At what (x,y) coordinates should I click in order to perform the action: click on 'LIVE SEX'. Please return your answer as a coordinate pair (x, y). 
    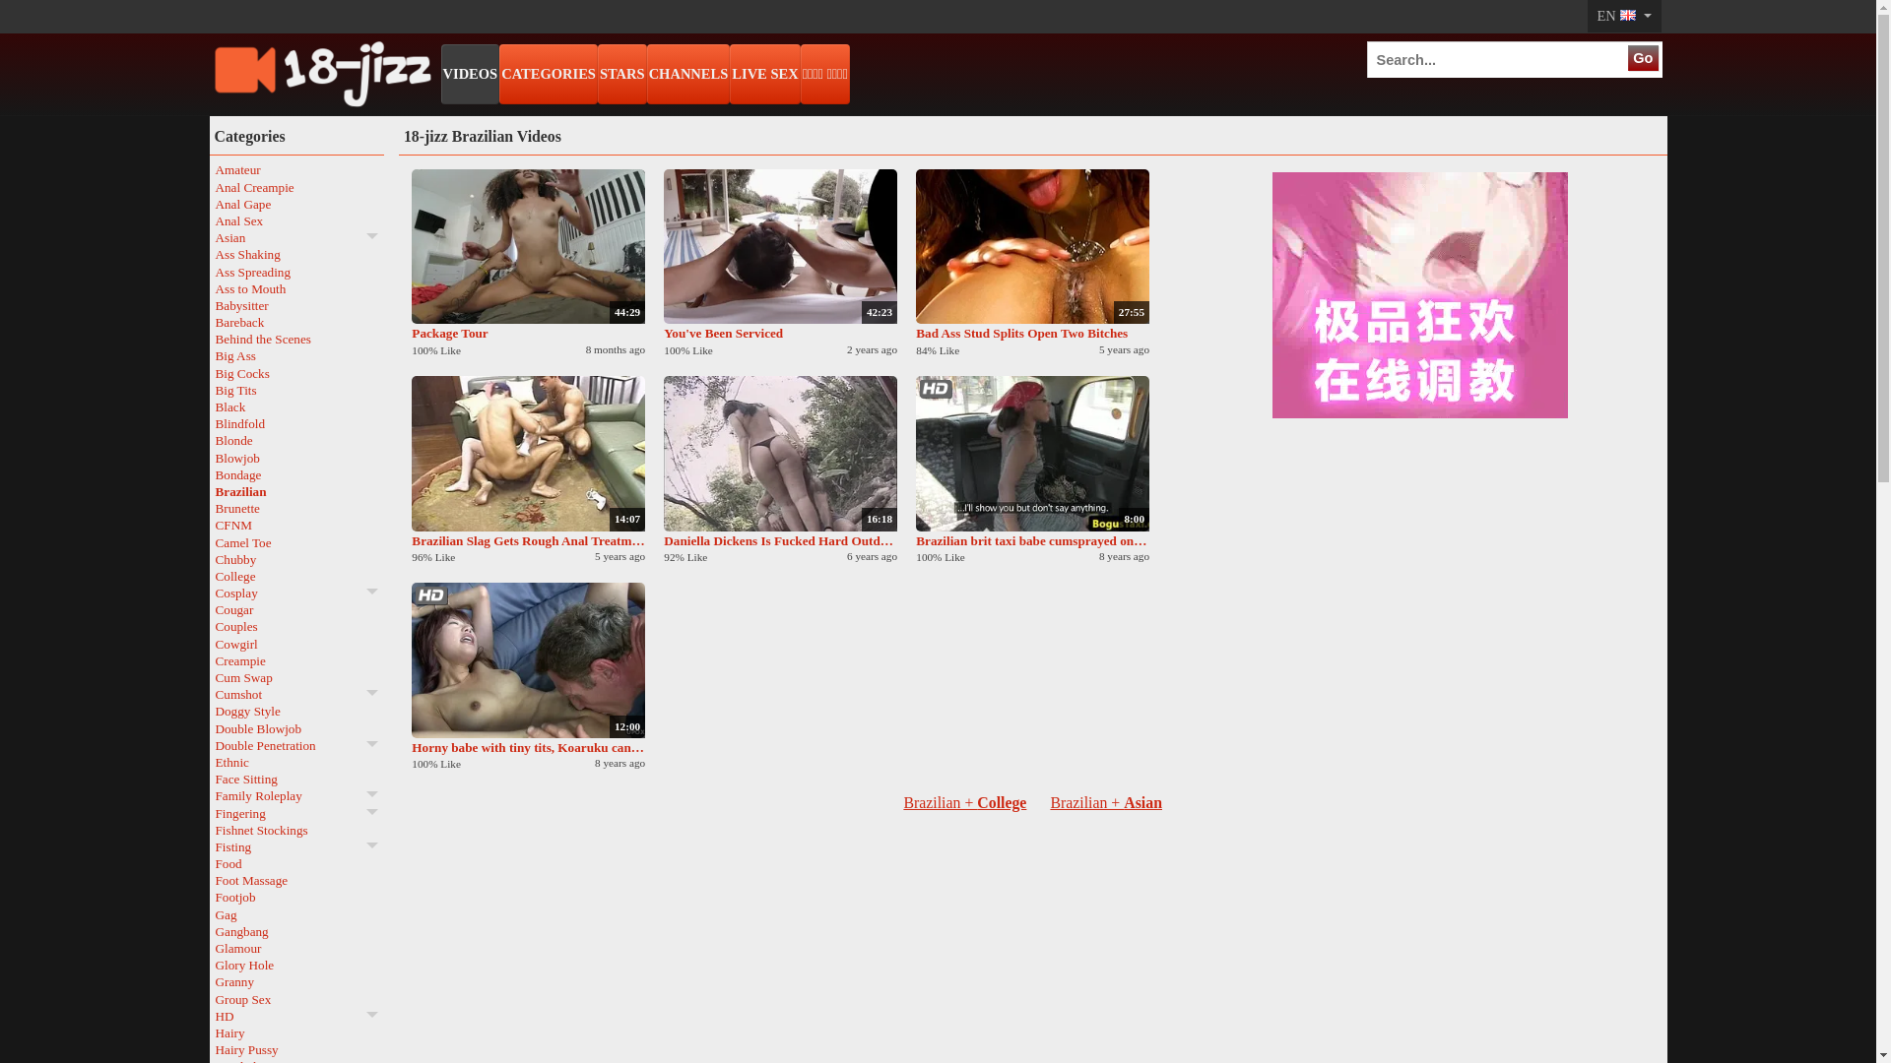
    Looking at the image, I should click on (763, 73).